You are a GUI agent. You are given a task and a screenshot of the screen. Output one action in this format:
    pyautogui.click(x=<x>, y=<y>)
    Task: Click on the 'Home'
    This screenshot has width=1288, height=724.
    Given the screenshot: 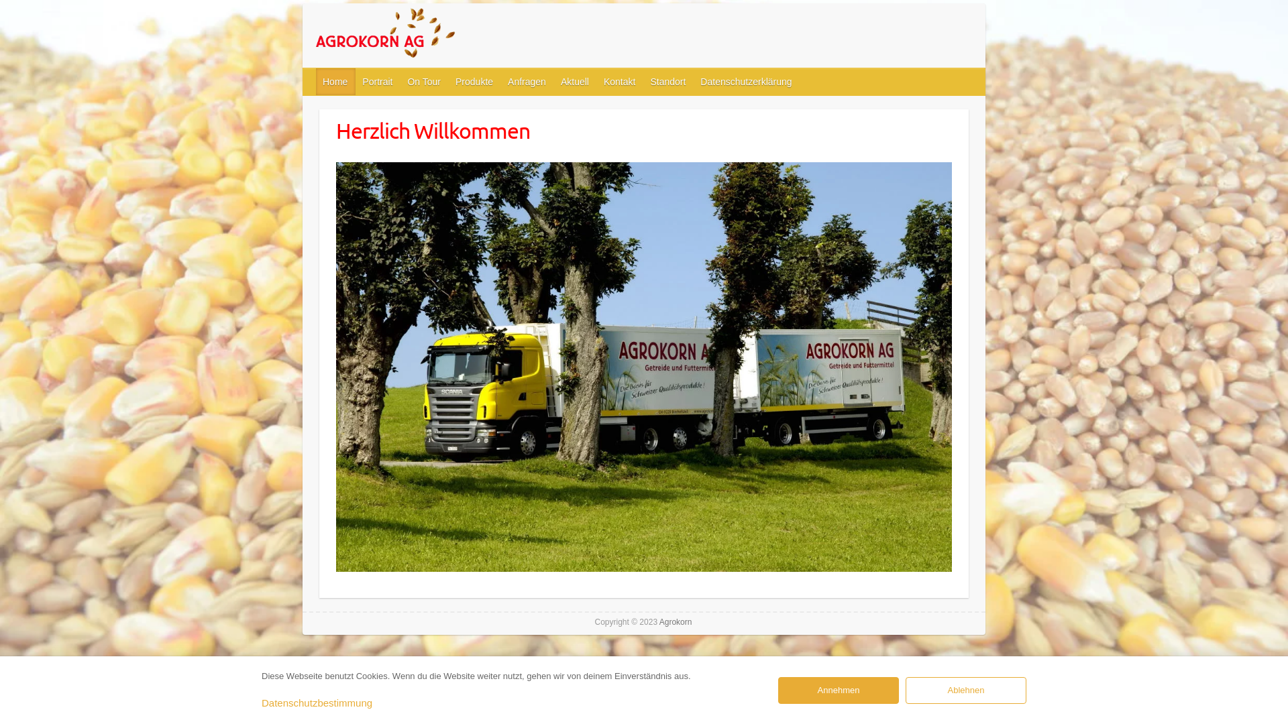 What is the action you would take?
    pyautogui.click(x=335, y=82)
    